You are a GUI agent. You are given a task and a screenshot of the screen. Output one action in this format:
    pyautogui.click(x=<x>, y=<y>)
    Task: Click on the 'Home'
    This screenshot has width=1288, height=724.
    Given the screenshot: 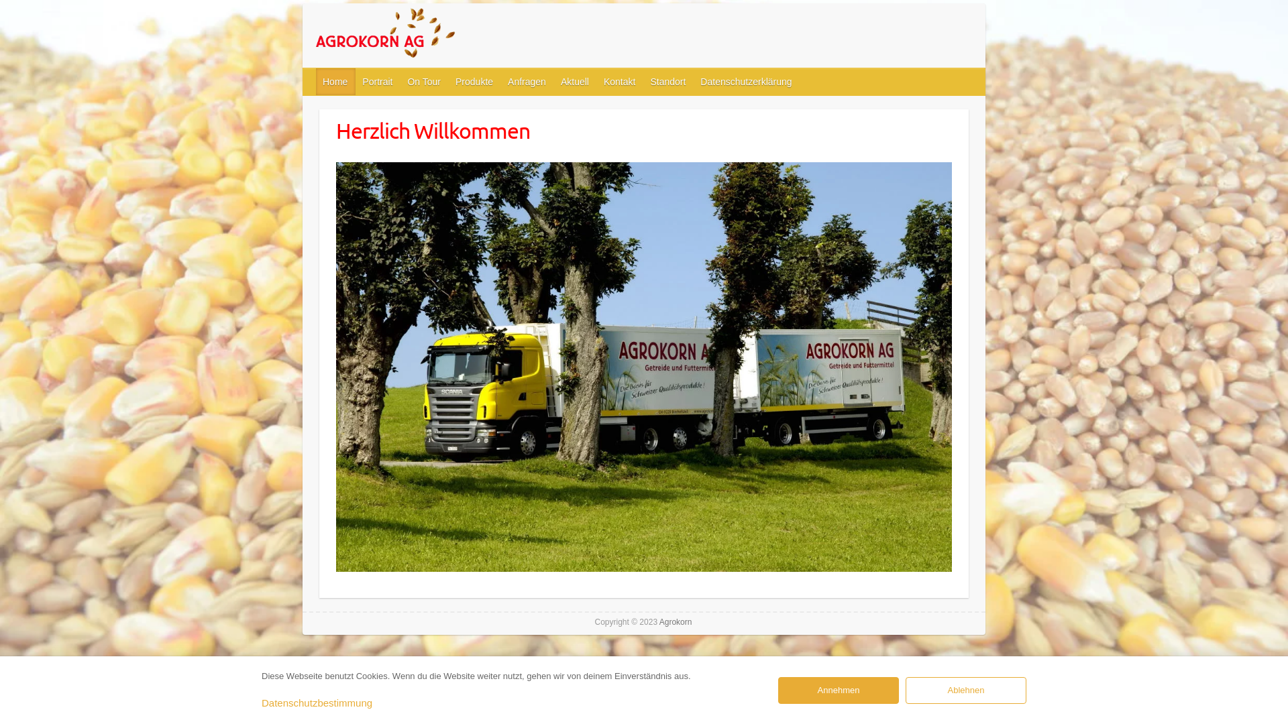 What is the action you would take?
    pyautogui.click(x=335, y=82)
    